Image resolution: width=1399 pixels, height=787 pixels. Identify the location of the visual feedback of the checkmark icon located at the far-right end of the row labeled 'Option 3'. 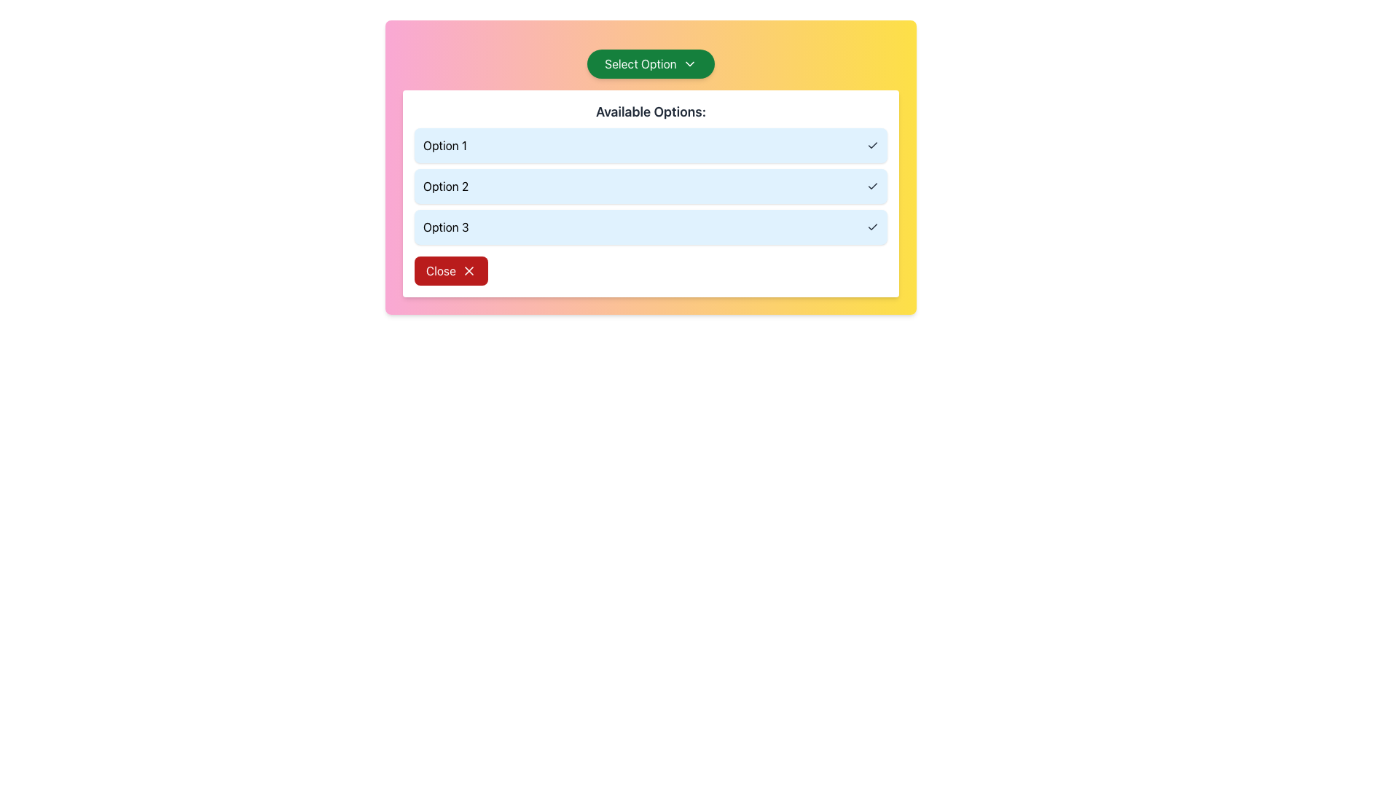
(873, 227).